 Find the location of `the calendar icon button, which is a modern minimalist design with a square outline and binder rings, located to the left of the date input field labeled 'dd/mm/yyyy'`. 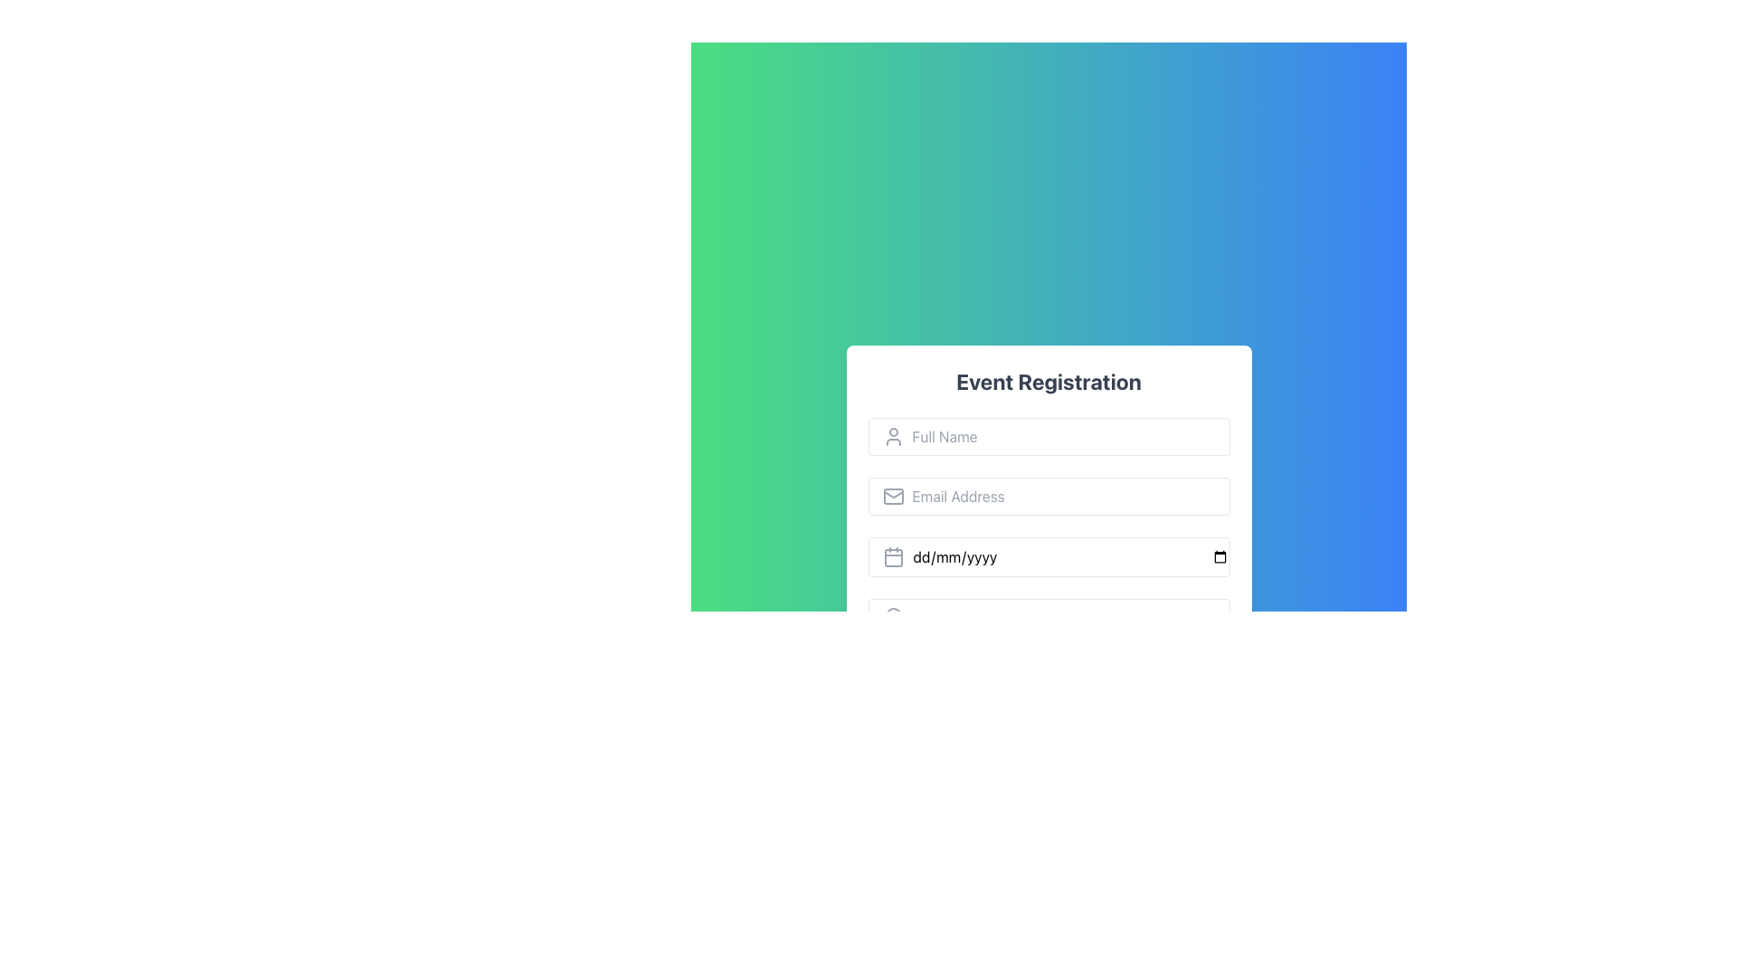

the calendar icon button, which is a modern minimalist design with a square outline and binder rings, located to the left of the date input field labeled 'dd/mm/yyyy' is located at coordinates (893, 556).